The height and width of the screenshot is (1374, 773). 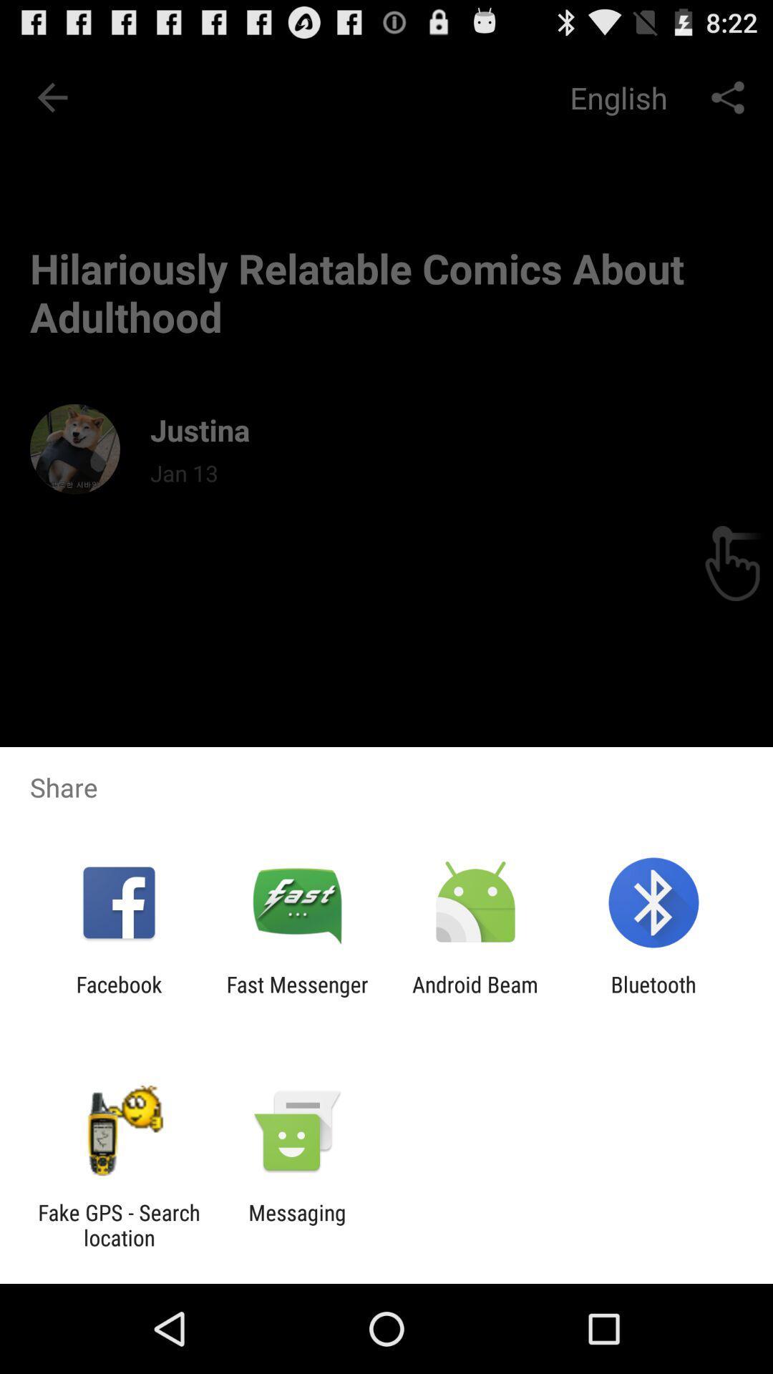 I want to click on the app to the right of fast messenger item, so click(x=475, y=996).